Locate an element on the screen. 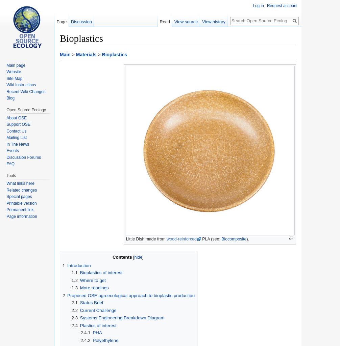 This screenshot has height=346, width=340. '2' is located at coordinates (64, 295).